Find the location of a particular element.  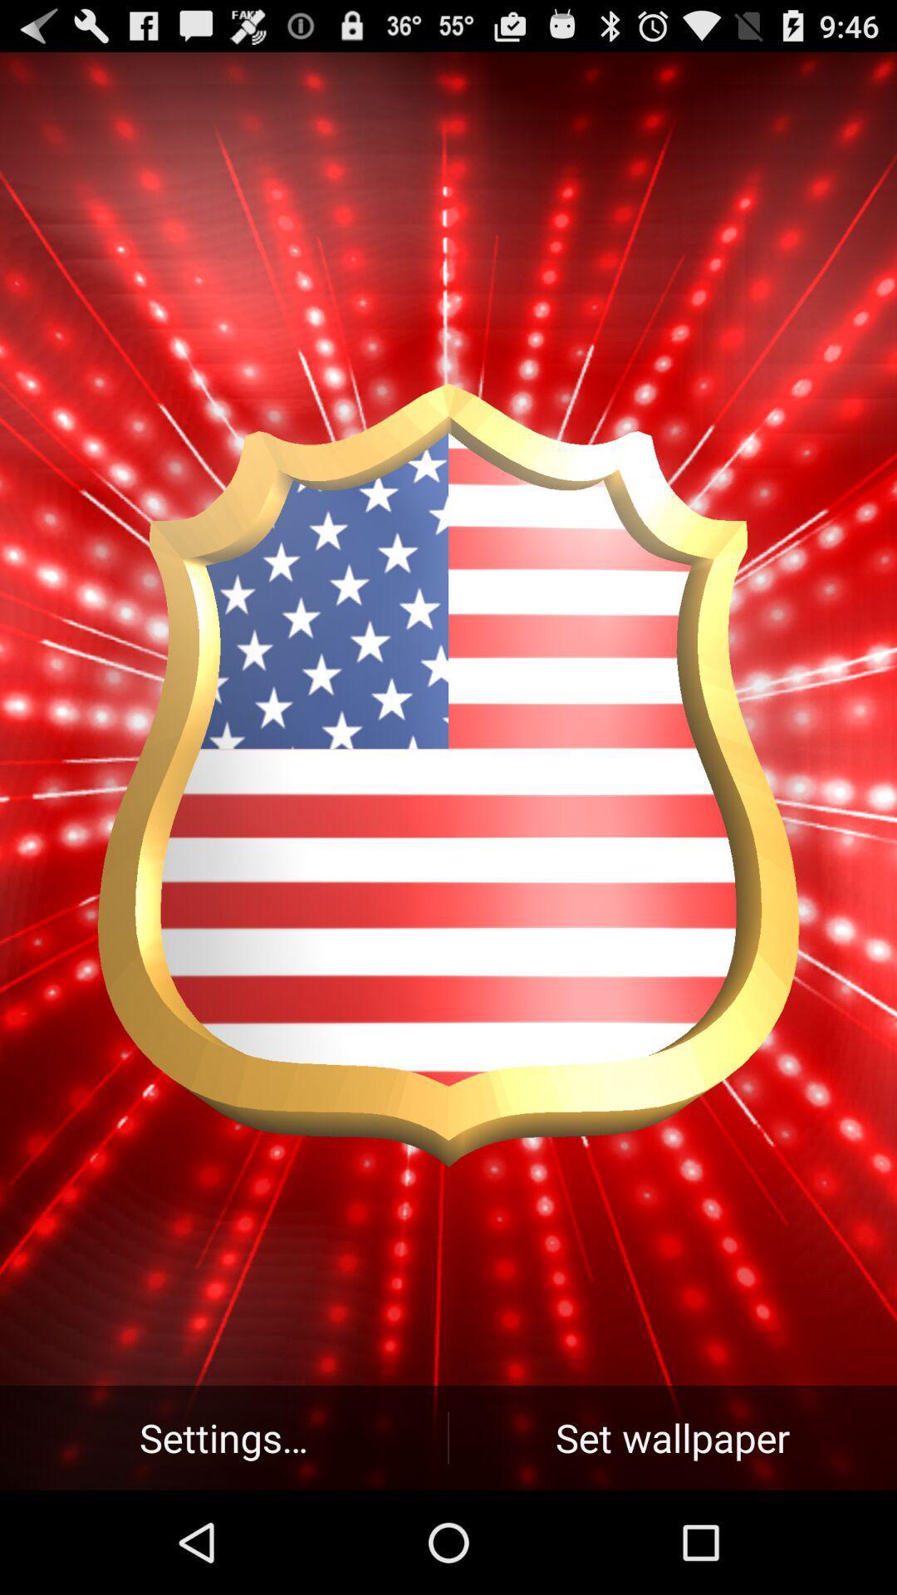

the button to the left of the set wallpaper icon is located at coordinates (223, 1437).